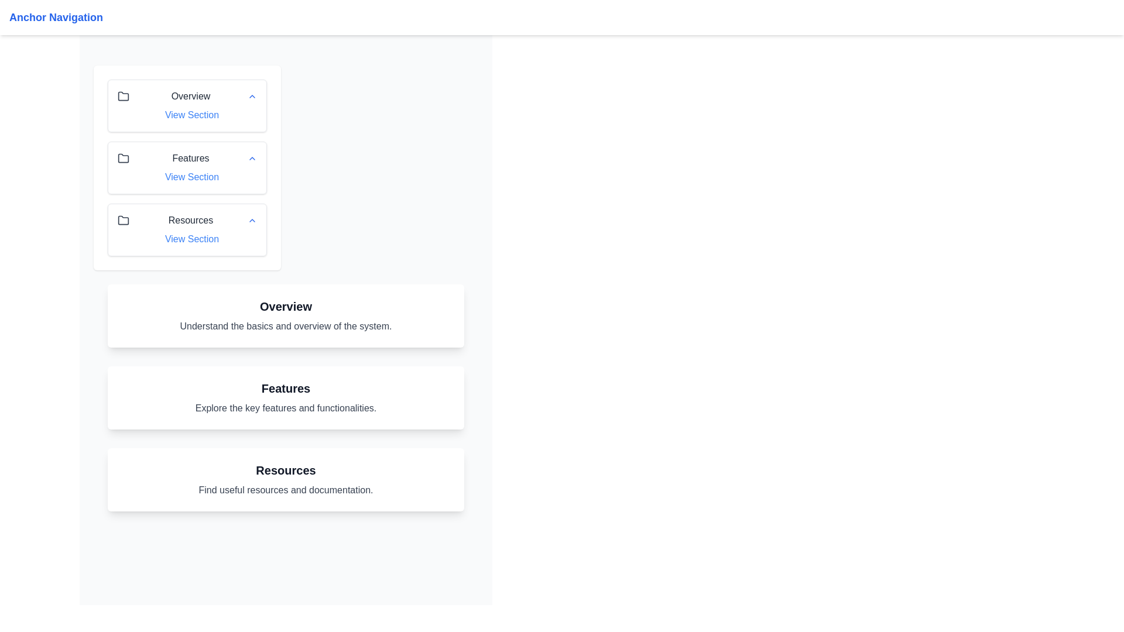  What do you see at coordinates (187, 221) in the screenshot?
I see `the 'Resources' Collapsible Section Header which contains a folder icon on the left, bold text in the center, and an upward chevron on the right, positioned as the third entry in the collapsible list` at bounding box center [187, 221].